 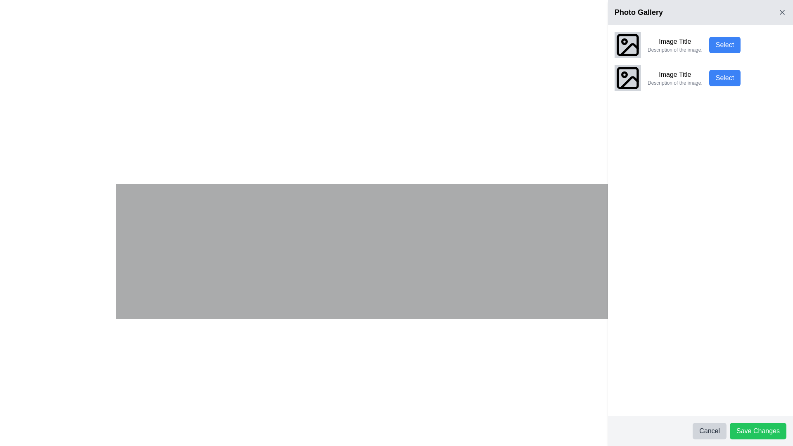 What do you see at coordinates (675, 83) in the screenshot?
I see `the small light gray text labeled 'Description of the image.' which is located directly beneath the bold text 'Image Title' in the right-hand panel` at bounding box center [675, 83].